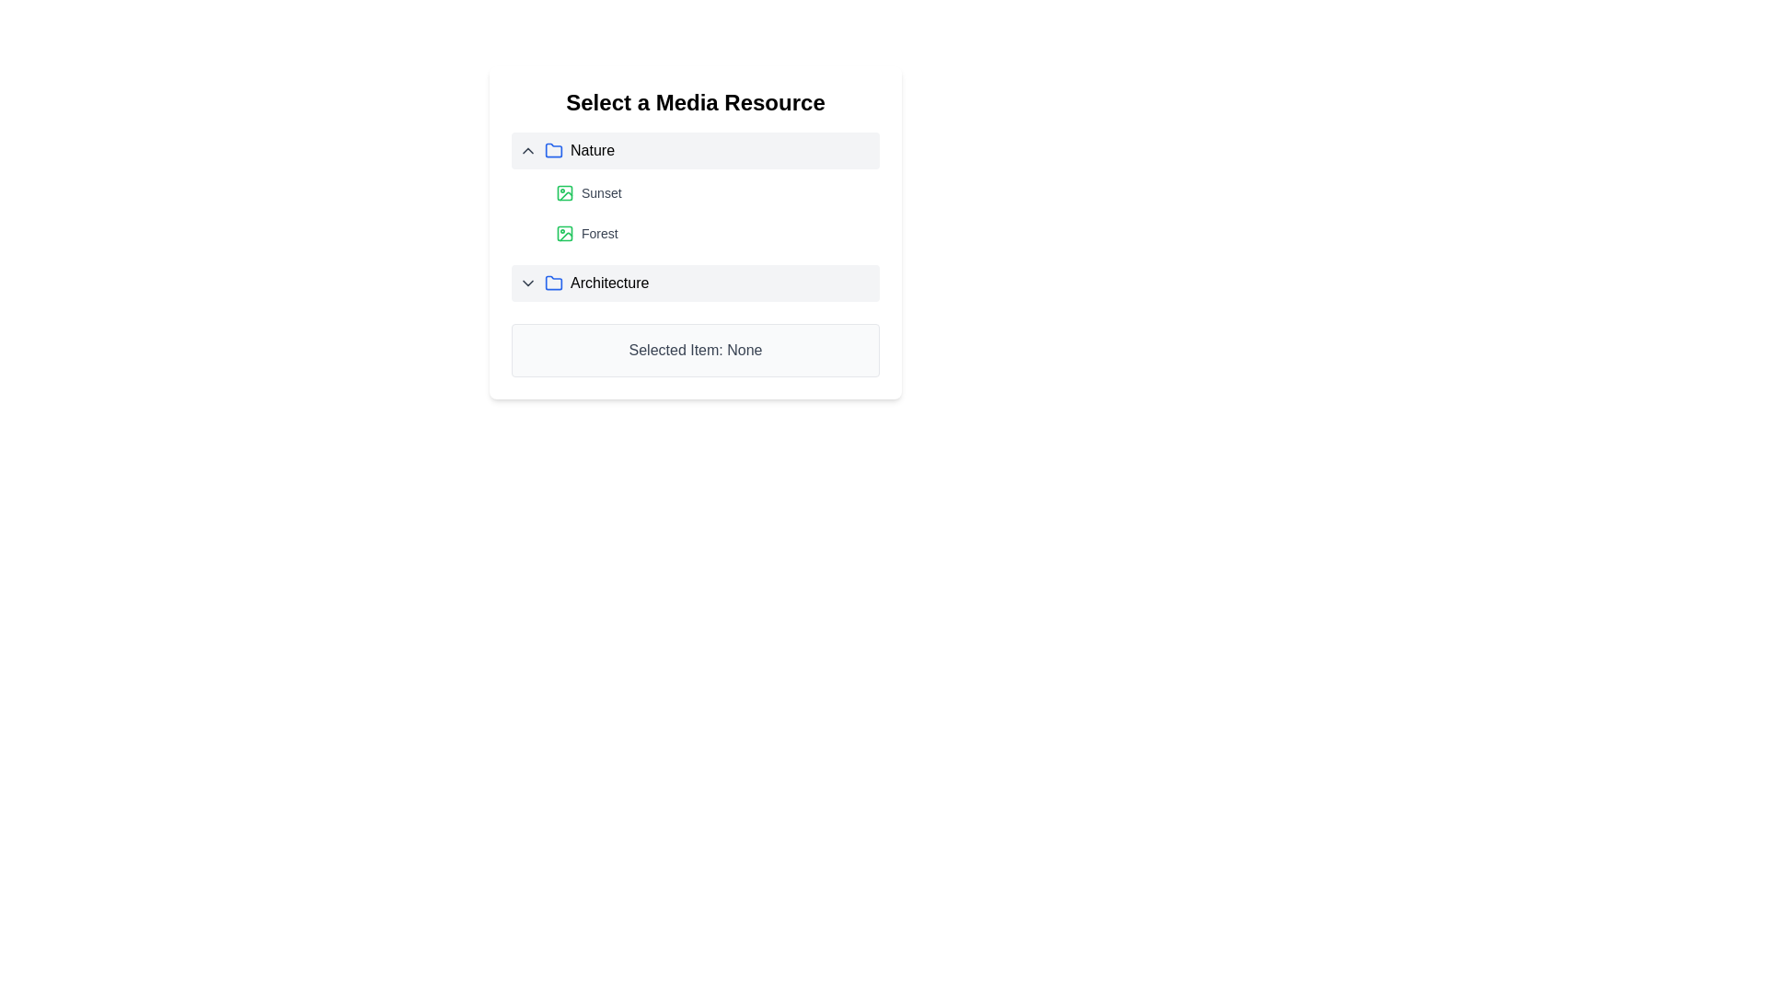 This screenshot has height=994, width=1767. What do you see at coordinates (713, 233) in the screenshot?
I see `the selectable list item labeled 'Forest' which is the second option in the 'Nature' category to trigger its hover state` at bounding box center [713, 233].